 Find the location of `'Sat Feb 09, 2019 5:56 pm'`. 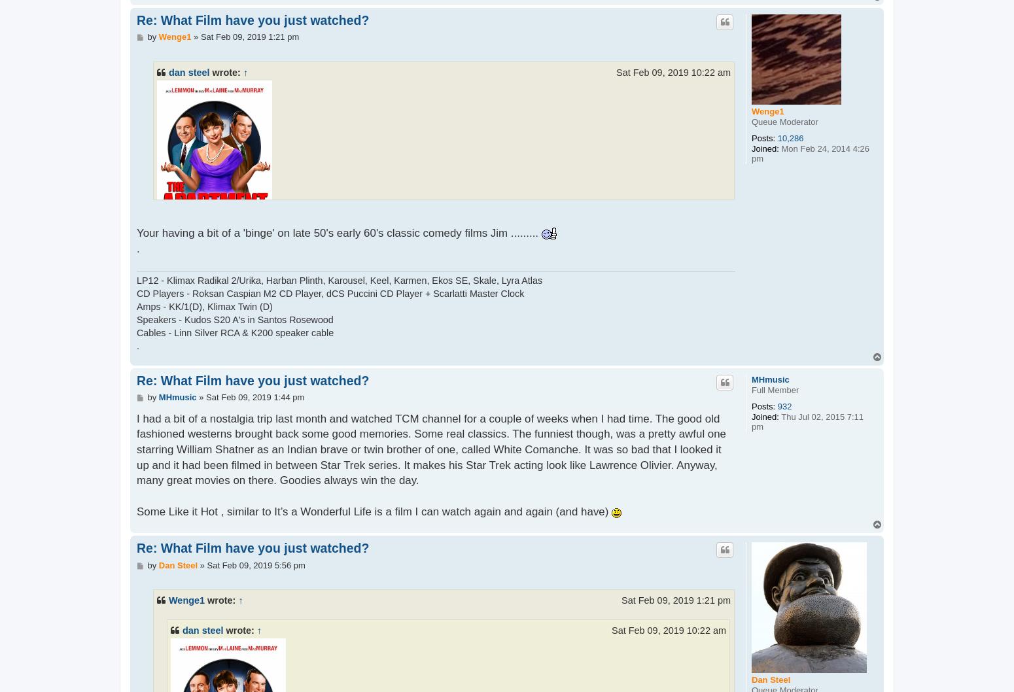

'Sat Feb 09, 2019 5:56 pm' is located at coordinates (256, 564).